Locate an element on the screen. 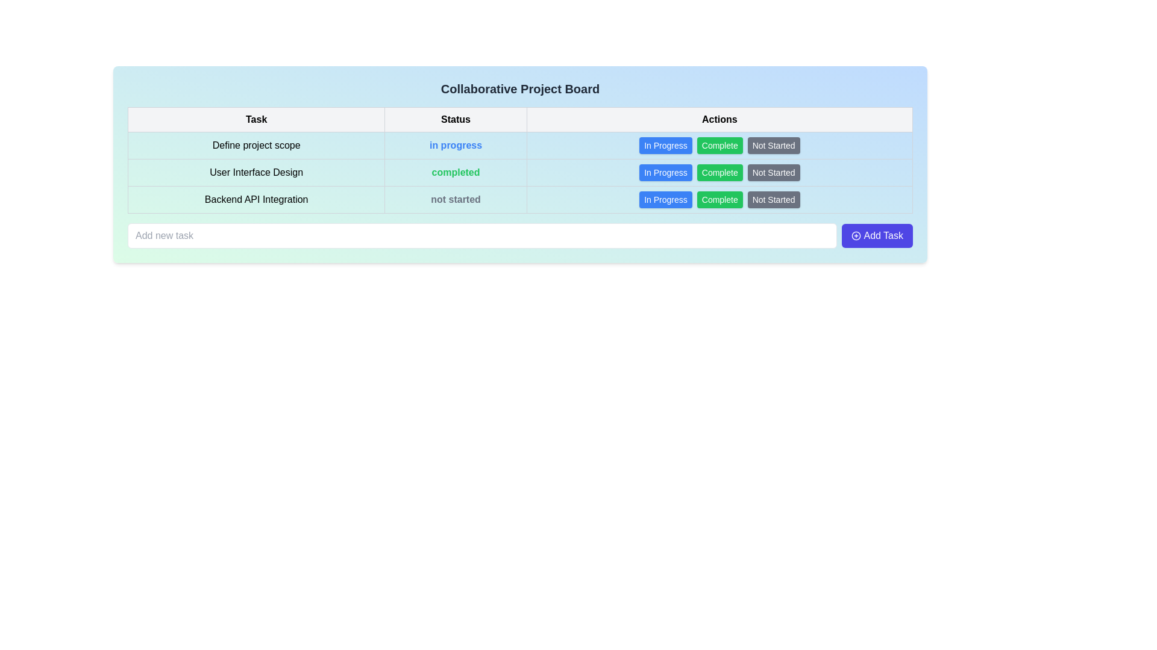  the static label in the 'Task' column located in the third row of the project management table, which provides context about the corresponding status and actions is located at coordinates (256, 199).